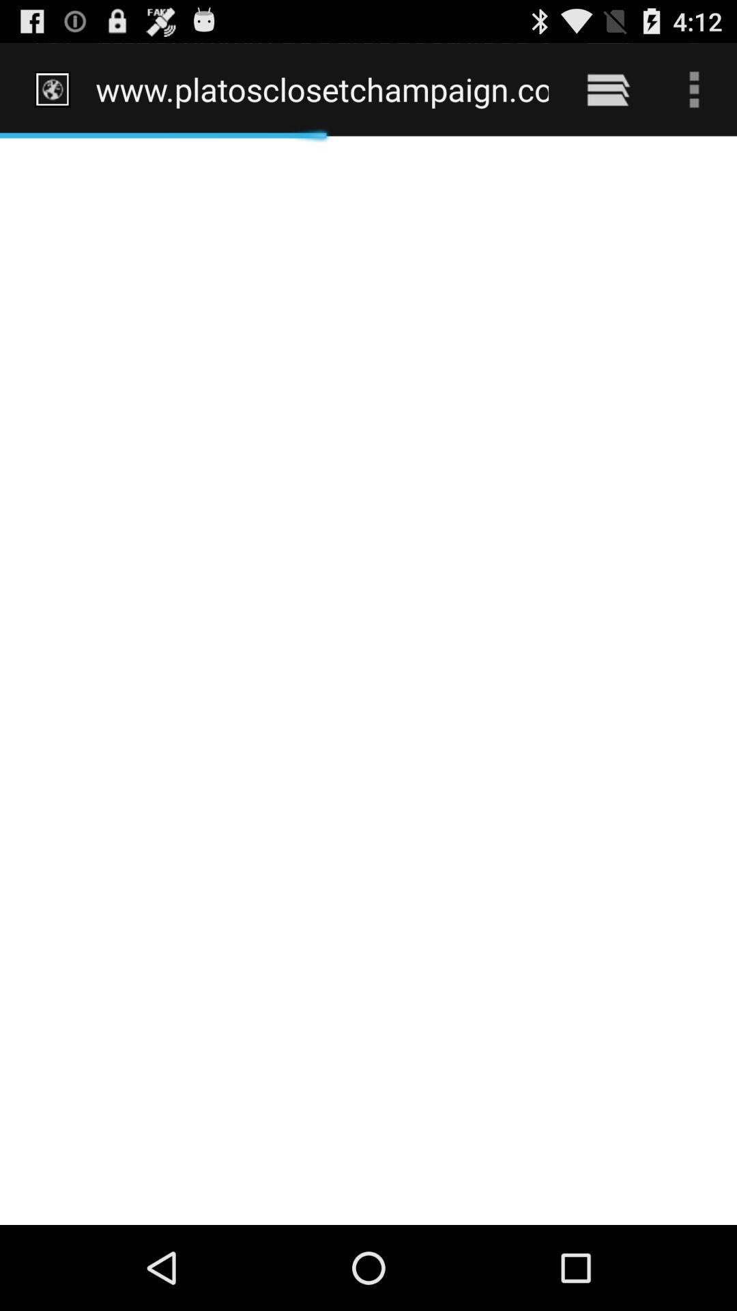 This screenshot has width=737, height=1311. What do you see at coordinates (607, 89) in the screenshot?
I see `icon next to www.platosclosetchampaign.com` at bounding box center [607, 89].